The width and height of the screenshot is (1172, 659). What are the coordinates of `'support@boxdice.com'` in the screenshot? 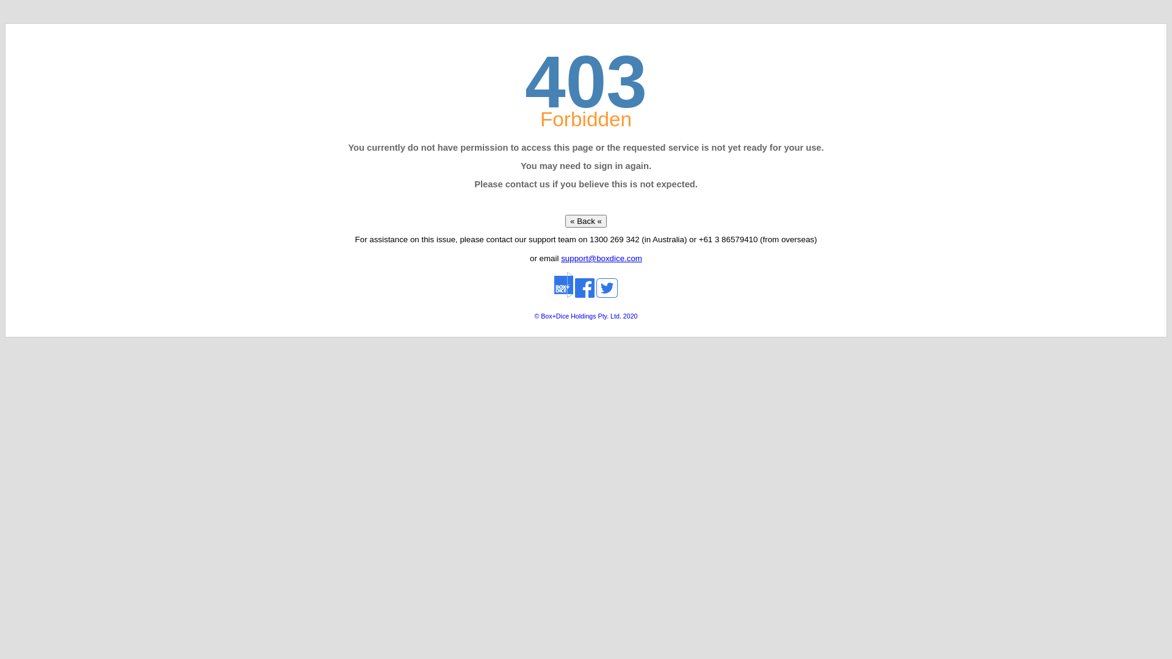 It's located at (560, 257).